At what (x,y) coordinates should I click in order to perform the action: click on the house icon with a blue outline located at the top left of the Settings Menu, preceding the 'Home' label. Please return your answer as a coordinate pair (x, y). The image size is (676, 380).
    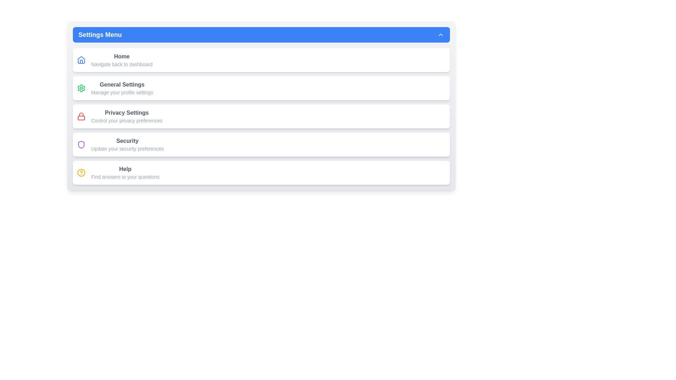
    Looking at the image, I should click on (81, 59).